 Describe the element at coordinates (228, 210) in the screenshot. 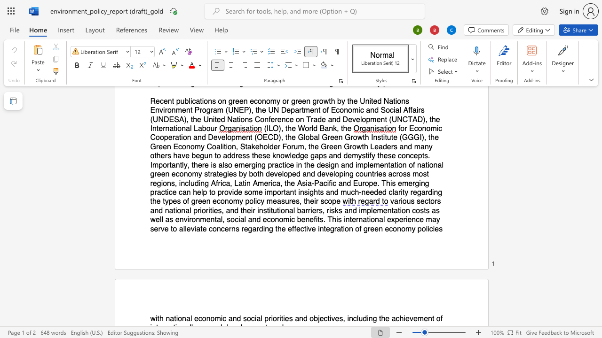

I see `the 5th character "a" in the text` at that location.